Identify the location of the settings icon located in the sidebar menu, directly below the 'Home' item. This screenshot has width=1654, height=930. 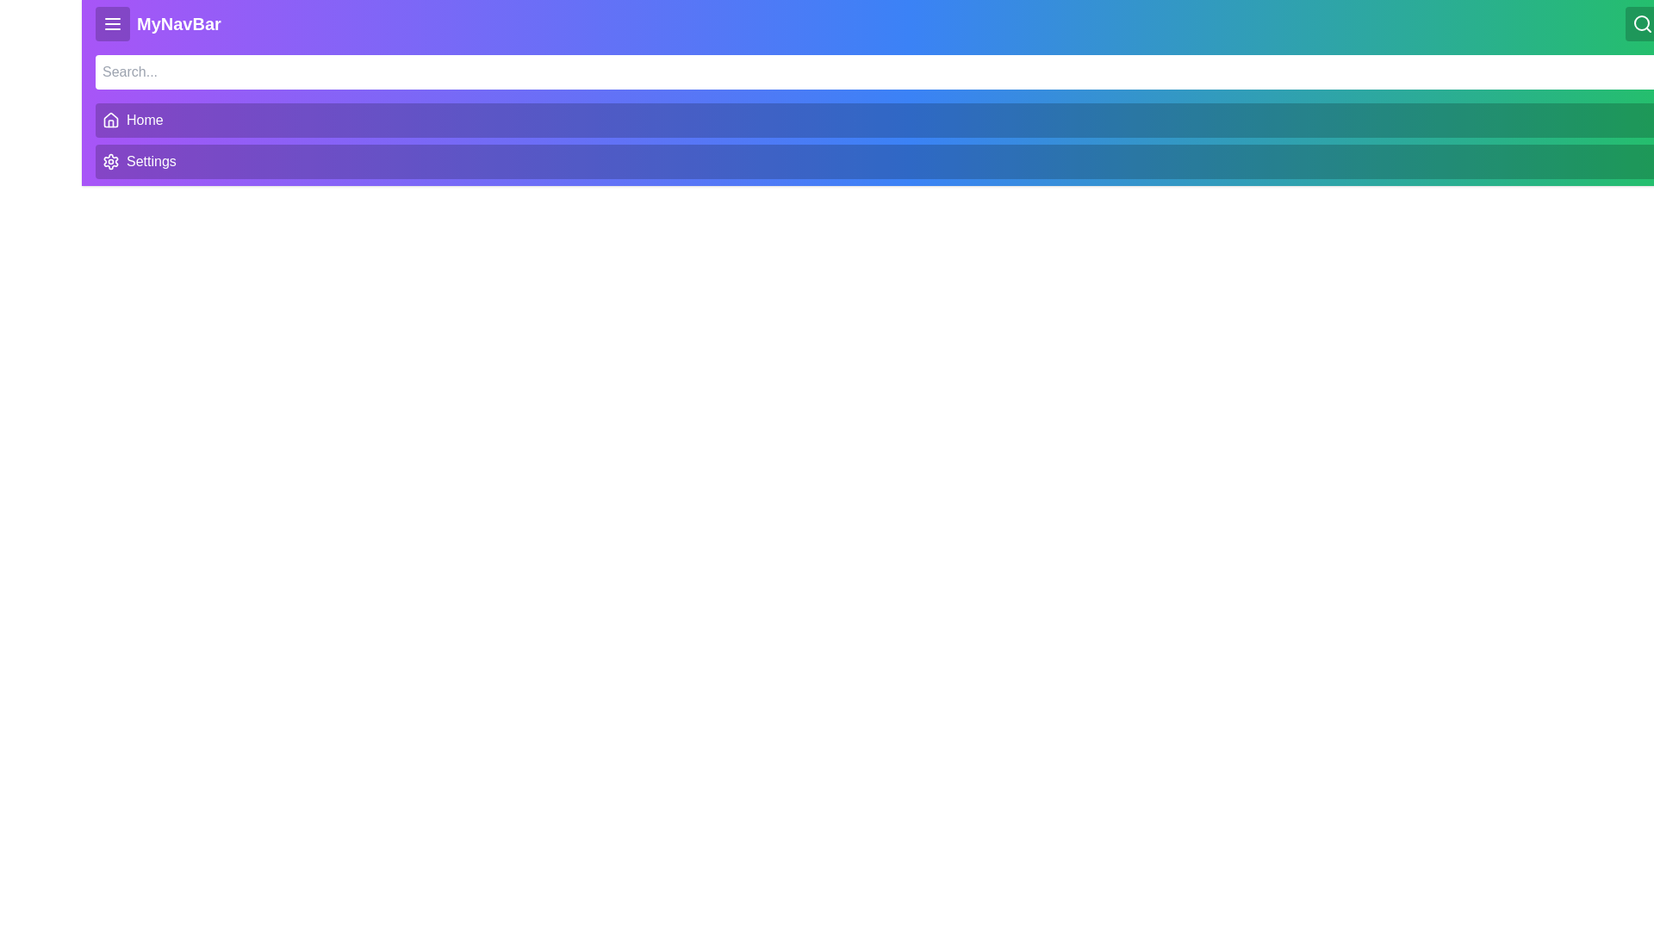
(110, 162).